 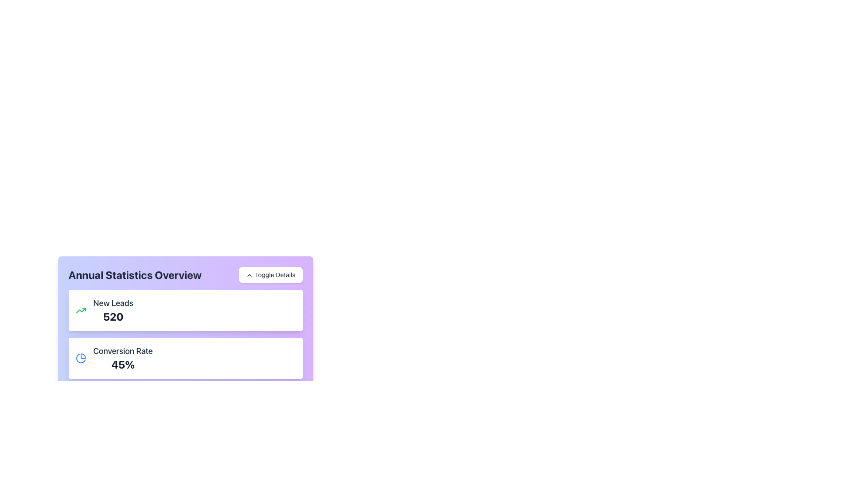 What do you see at coordinates (249, 275) in the screenshot?
I see `the central upward-pointing chevron icon within the 'Toggle Details' button located in the top-right corner of the purple heading block labeled 'Annual Statistics Overview'` at bounding box center [249, 275].